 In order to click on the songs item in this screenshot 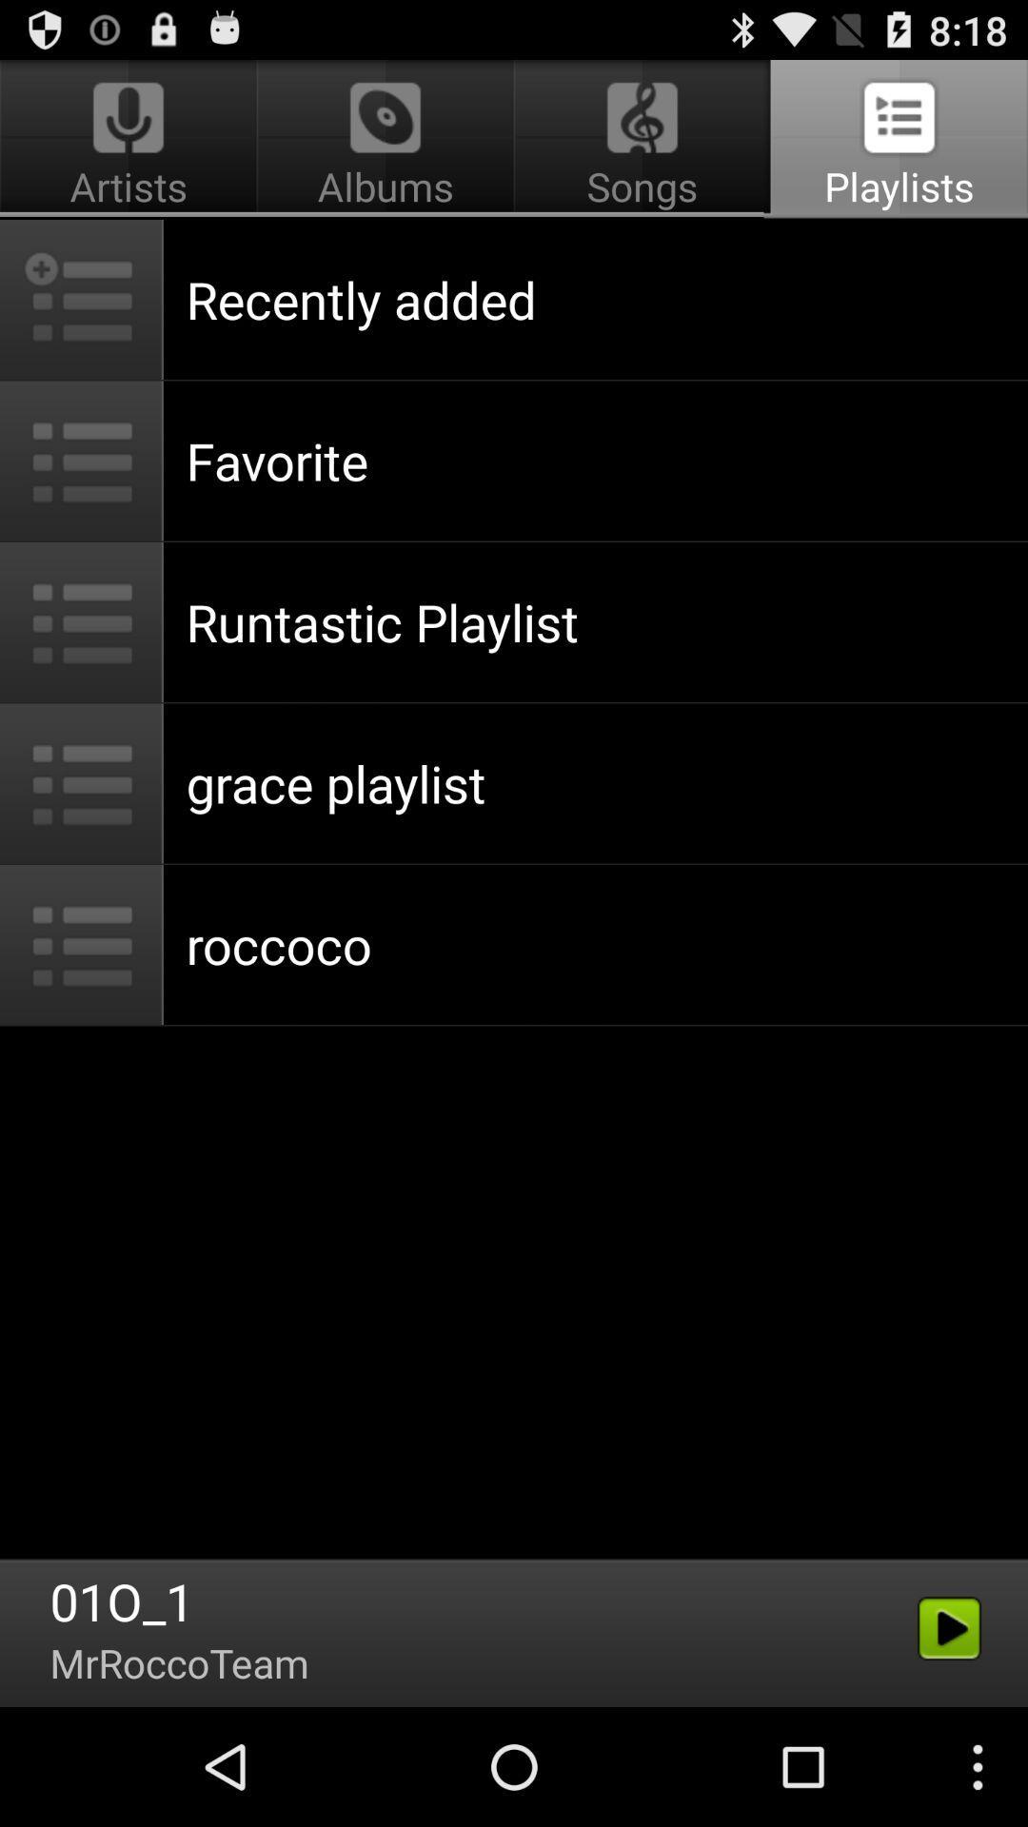, I will do `click(642, 139)`.